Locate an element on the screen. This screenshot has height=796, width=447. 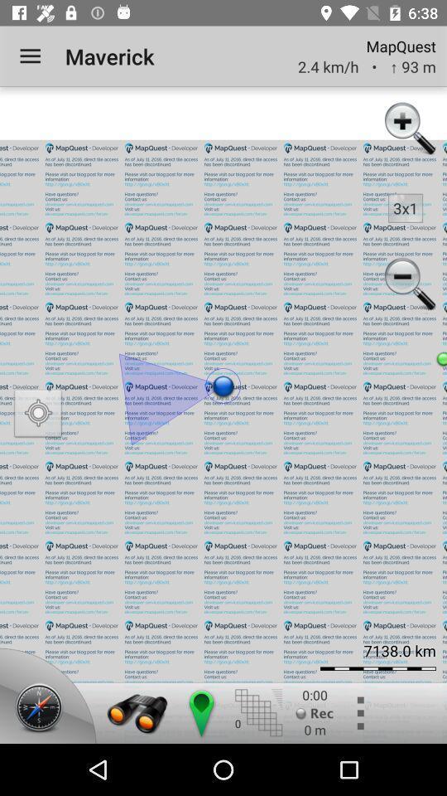
icon next to maverick app is located at coordinates (30, 56).